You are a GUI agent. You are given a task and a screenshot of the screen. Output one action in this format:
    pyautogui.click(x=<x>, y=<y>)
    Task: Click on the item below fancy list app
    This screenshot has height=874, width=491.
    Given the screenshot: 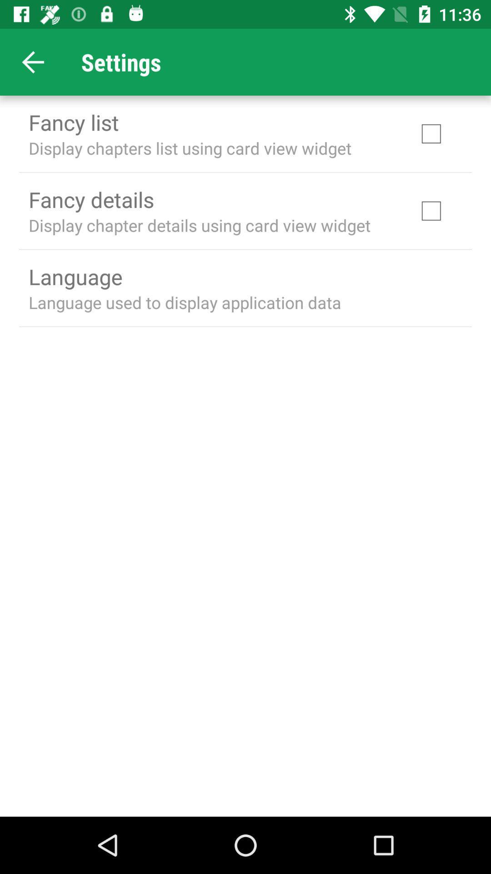 What is the action you would take?
    pyautogui.click(x=190, y=148)
    